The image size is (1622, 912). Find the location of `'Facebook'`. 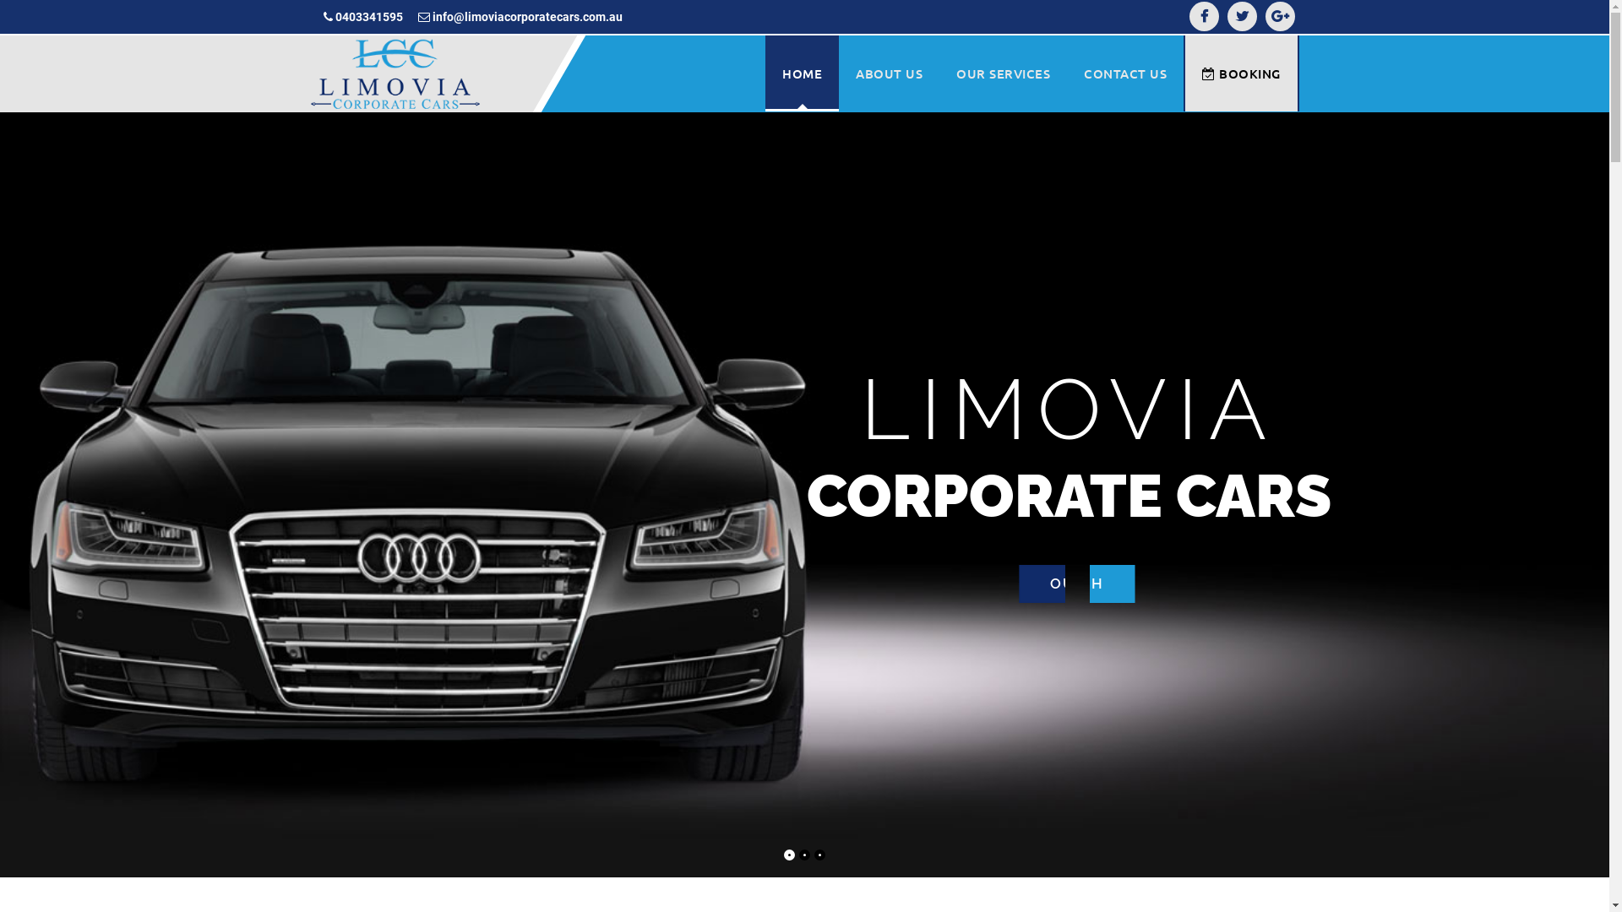

'Facebook' is located at coordinates (1203, 16).